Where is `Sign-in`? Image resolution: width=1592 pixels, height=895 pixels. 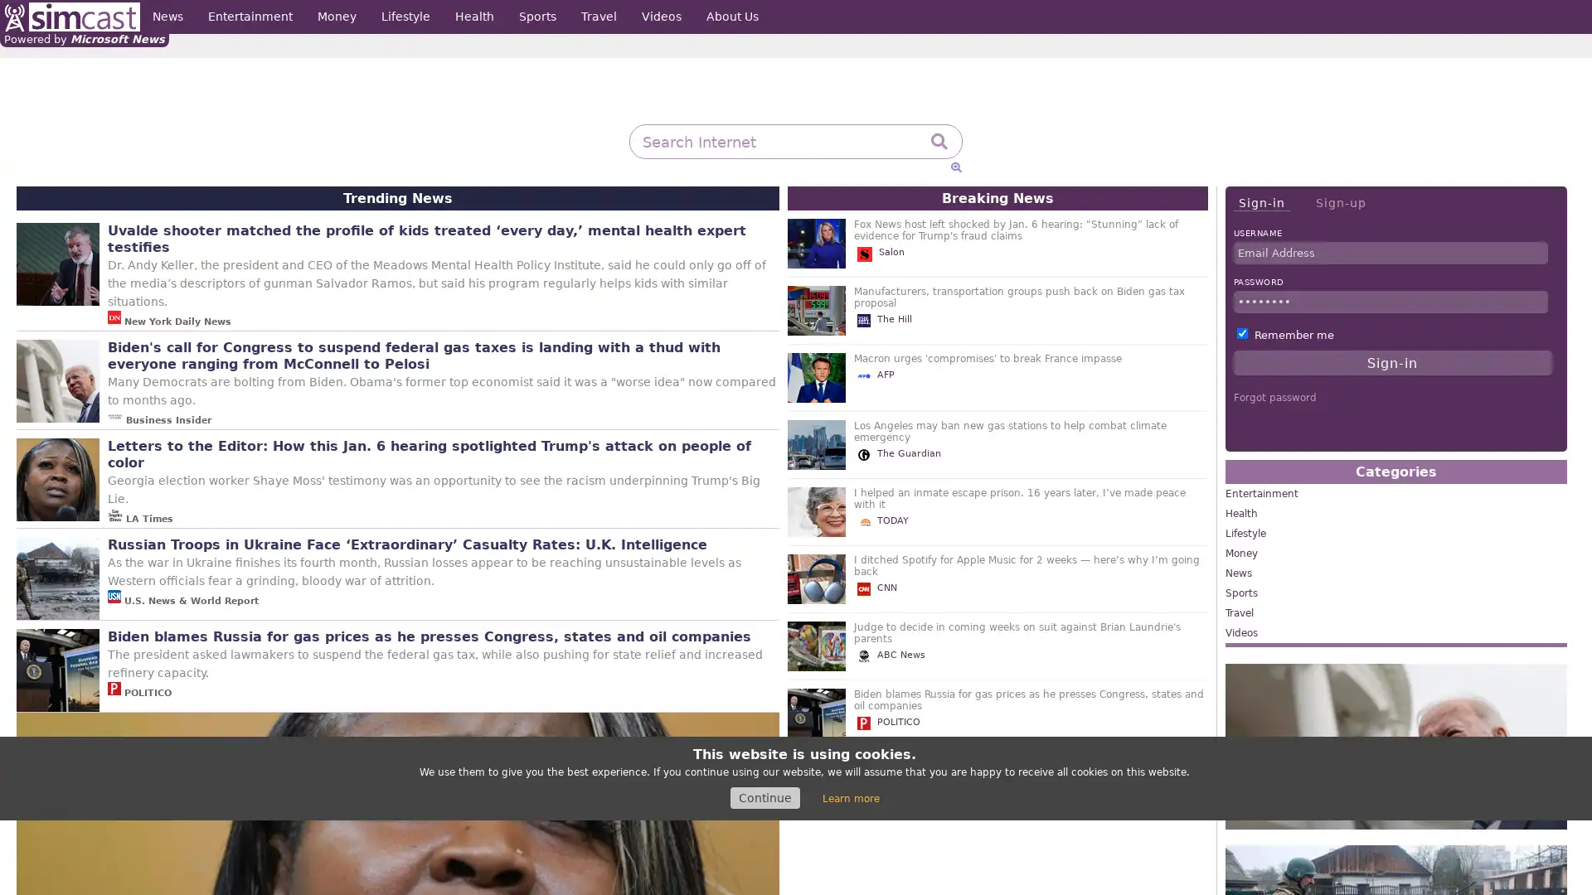 Sign-in is located at coordinates (1260, 202).